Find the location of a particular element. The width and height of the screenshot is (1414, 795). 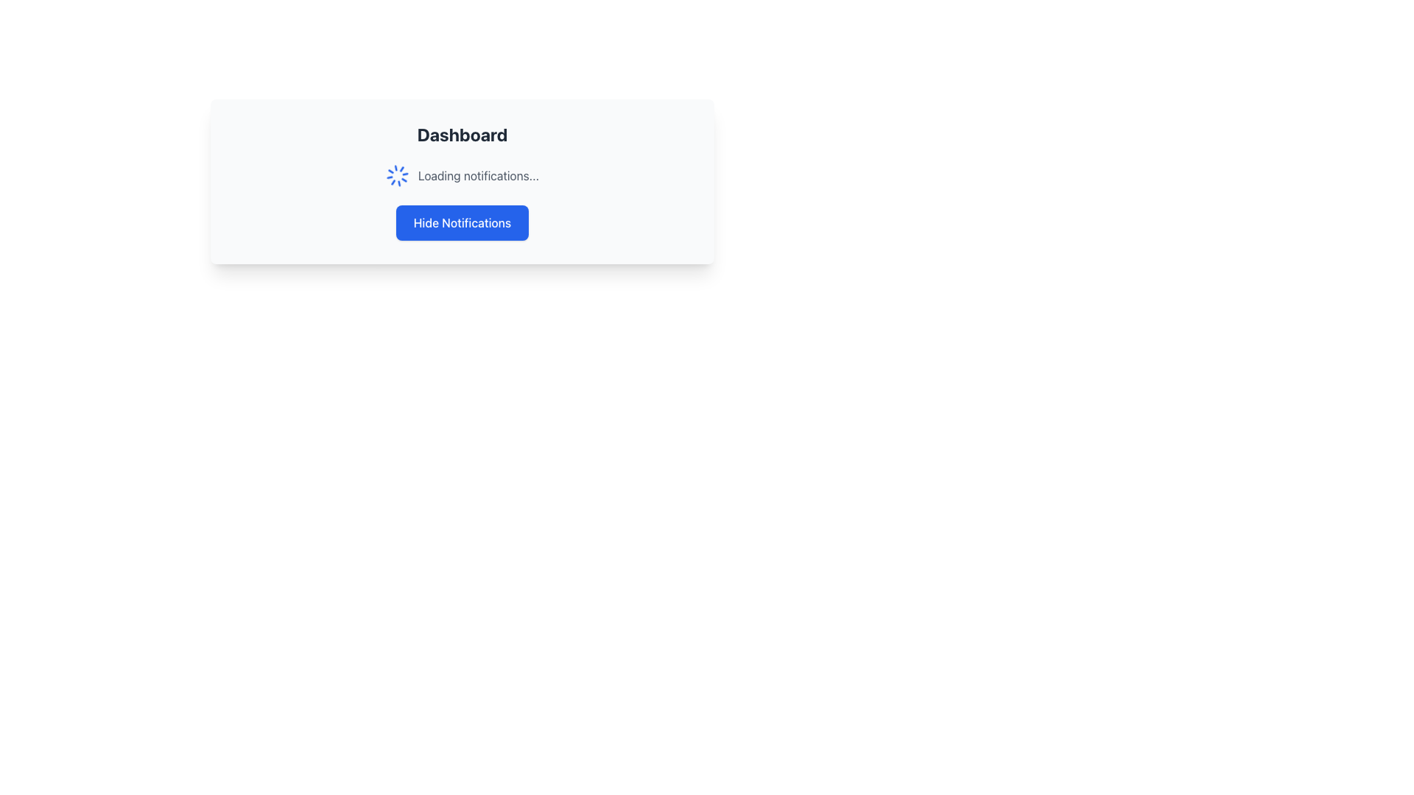

the animated blue circular loader icon indicating loading status, located to the left of the text 'Loading notifications...' is located at coordinates (397, 175).